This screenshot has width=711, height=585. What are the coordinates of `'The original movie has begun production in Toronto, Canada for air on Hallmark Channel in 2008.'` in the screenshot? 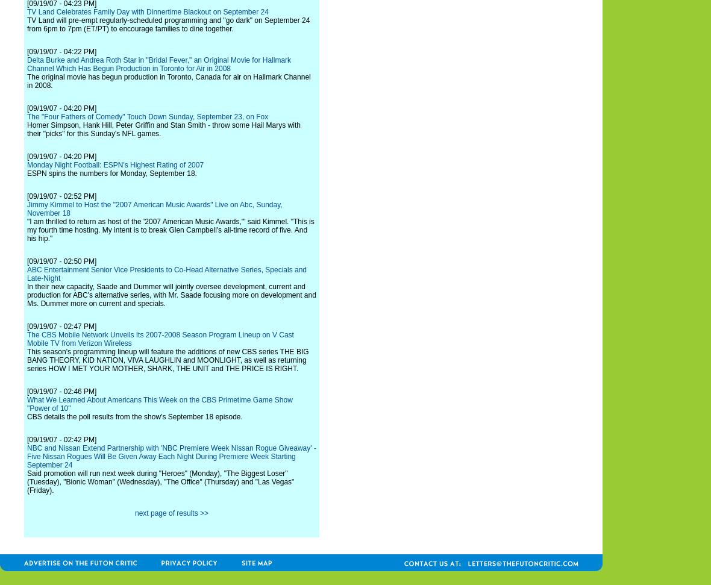 It's located at (169, 81).